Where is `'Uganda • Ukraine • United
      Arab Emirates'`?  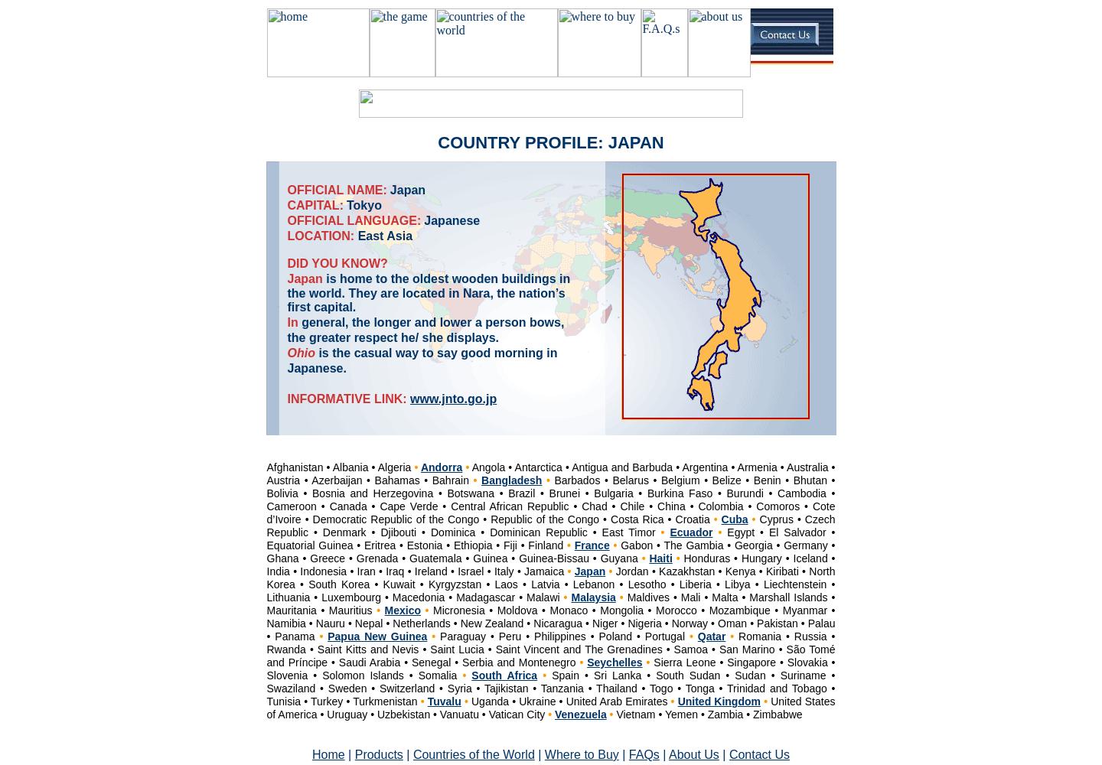 'Uganda • Ukraine • United
      Arab Emirates' is located at coordinates (568, 702).